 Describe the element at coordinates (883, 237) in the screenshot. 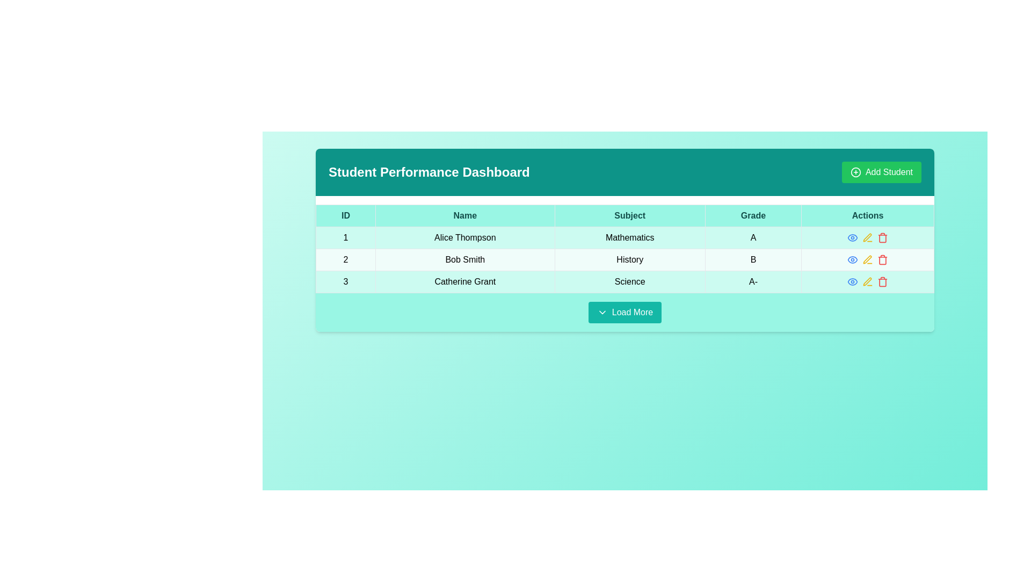

I see `the delete button with an icon located in the 'Actions' column of the first row in the table to initiate a deletion action for the corresponding data entry` at that location.